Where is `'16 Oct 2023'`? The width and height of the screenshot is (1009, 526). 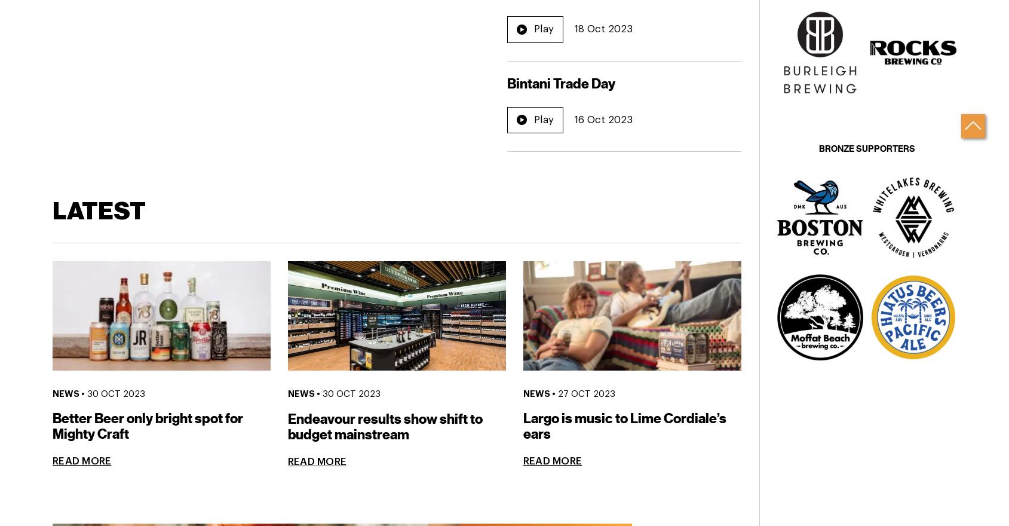 '16 Oct 2023' is located at coordinates (603, 119).